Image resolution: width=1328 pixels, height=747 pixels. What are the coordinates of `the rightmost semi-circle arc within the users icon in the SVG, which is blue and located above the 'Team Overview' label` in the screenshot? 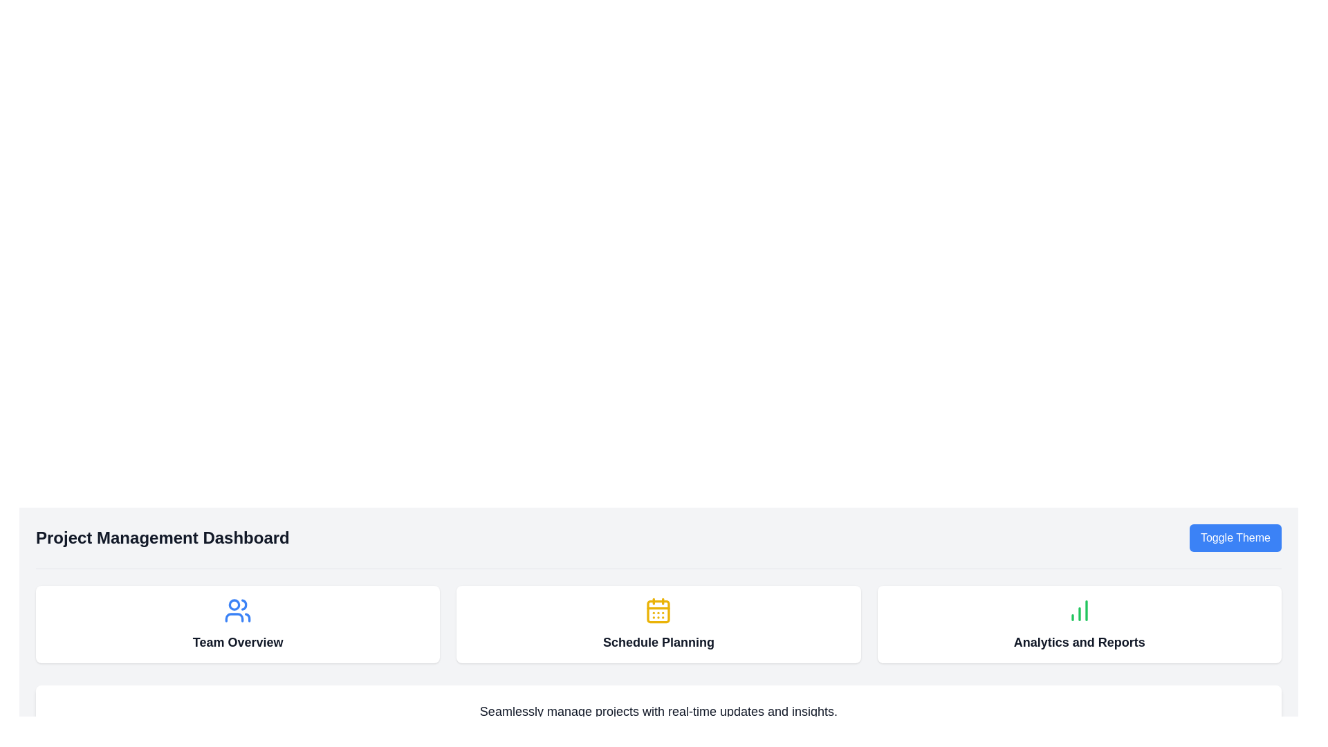 It's located at (244, 604).